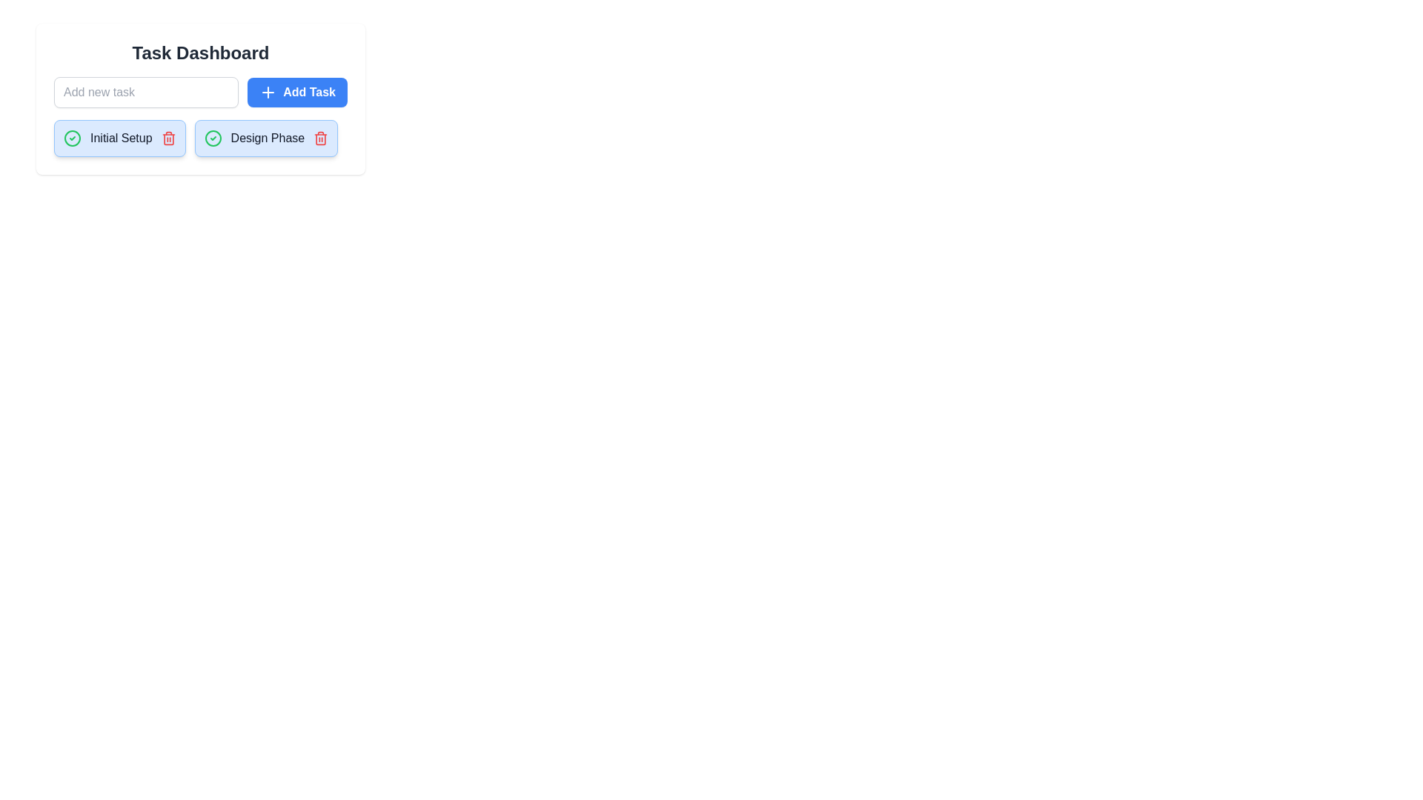  I want to click on the 'Add Task' button to add the task, so click(296, 92).